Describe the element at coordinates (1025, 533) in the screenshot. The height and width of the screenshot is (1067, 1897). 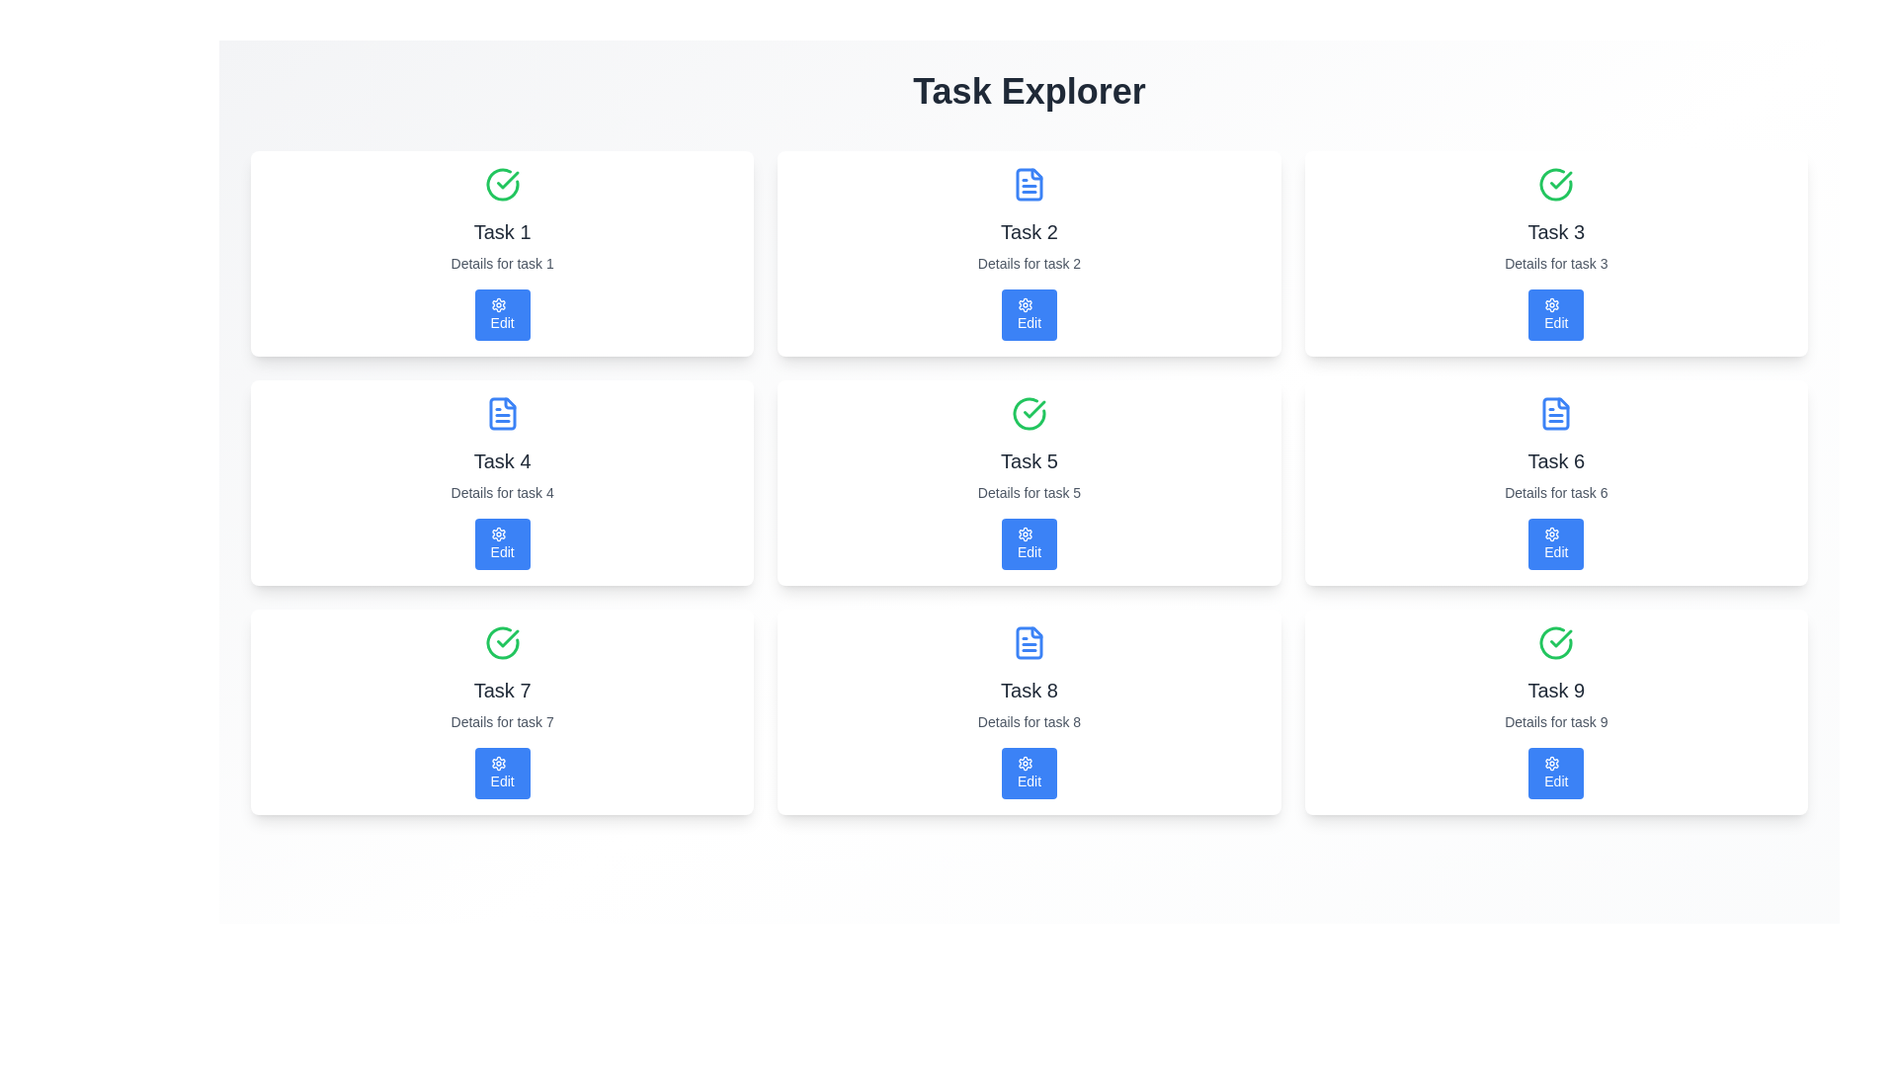
I see `the gear-shaped icon located at the left side of the 'Edit' button for 'Task 5'` at that location.